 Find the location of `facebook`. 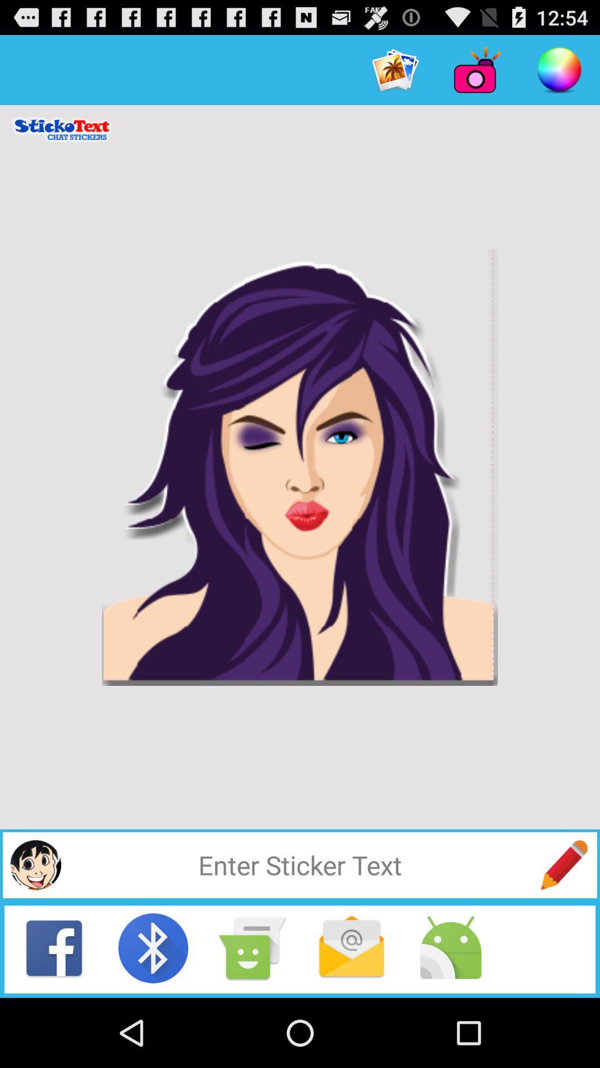

facebook is located at coordinates (54, 947).